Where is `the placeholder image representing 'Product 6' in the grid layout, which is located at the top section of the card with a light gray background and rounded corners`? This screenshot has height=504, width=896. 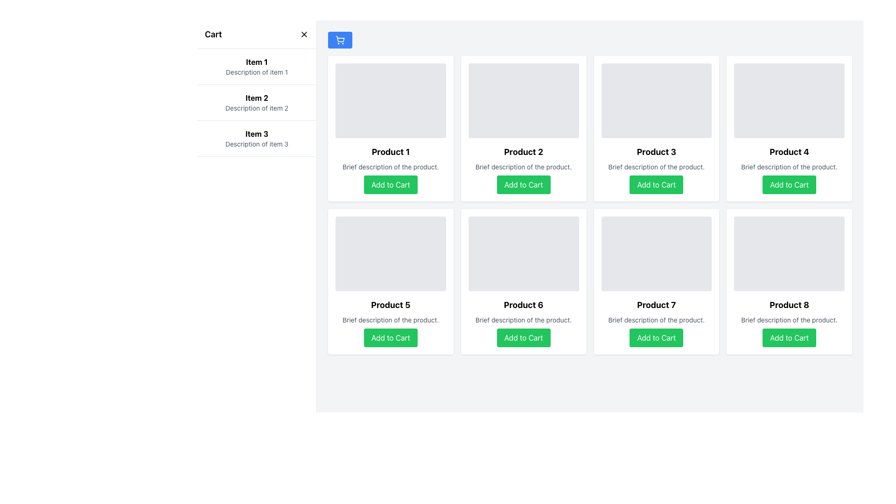
the placeholder image representing 'Product 6' in the grid layout, which is located at the top section of the card with a light gray background and rounded corners is located at coordinates (524, 253).